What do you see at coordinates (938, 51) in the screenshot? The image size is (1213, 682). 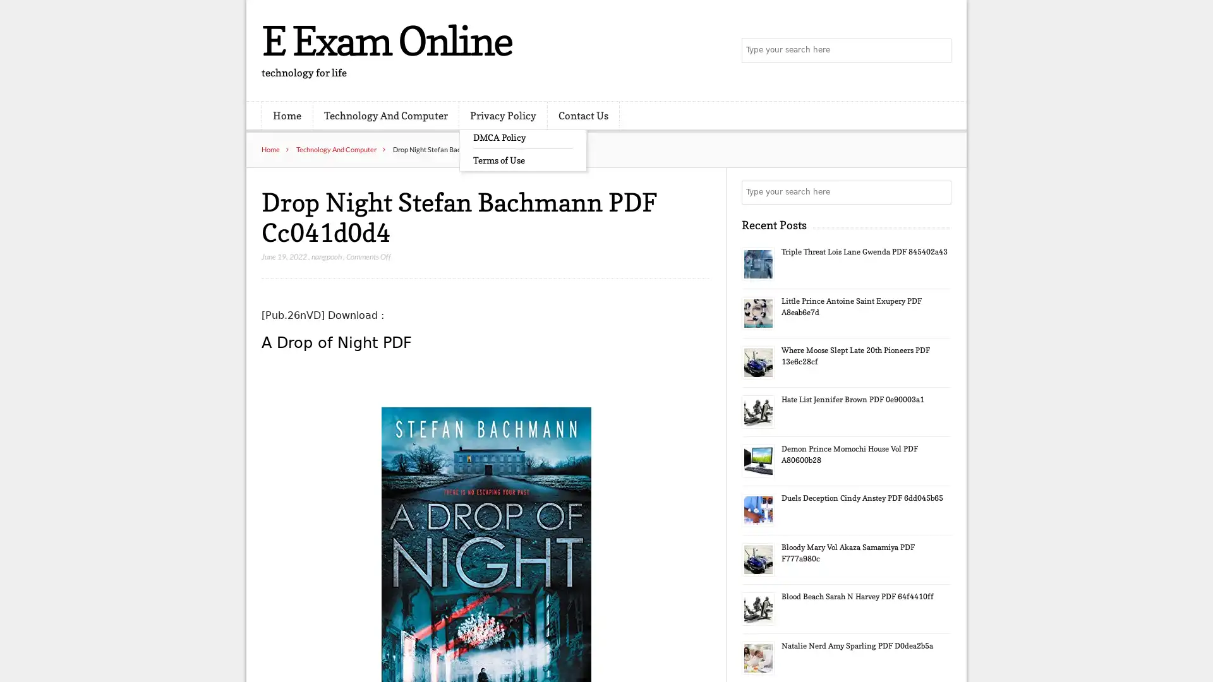 I see `Search` at bounding box center [938, 51].